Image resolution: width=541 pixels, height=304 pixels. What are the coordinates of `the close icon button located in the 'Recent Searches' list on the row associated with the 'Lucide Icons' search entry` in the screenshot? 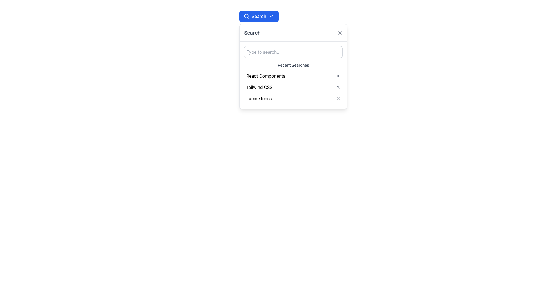 It's located at (338, 98).